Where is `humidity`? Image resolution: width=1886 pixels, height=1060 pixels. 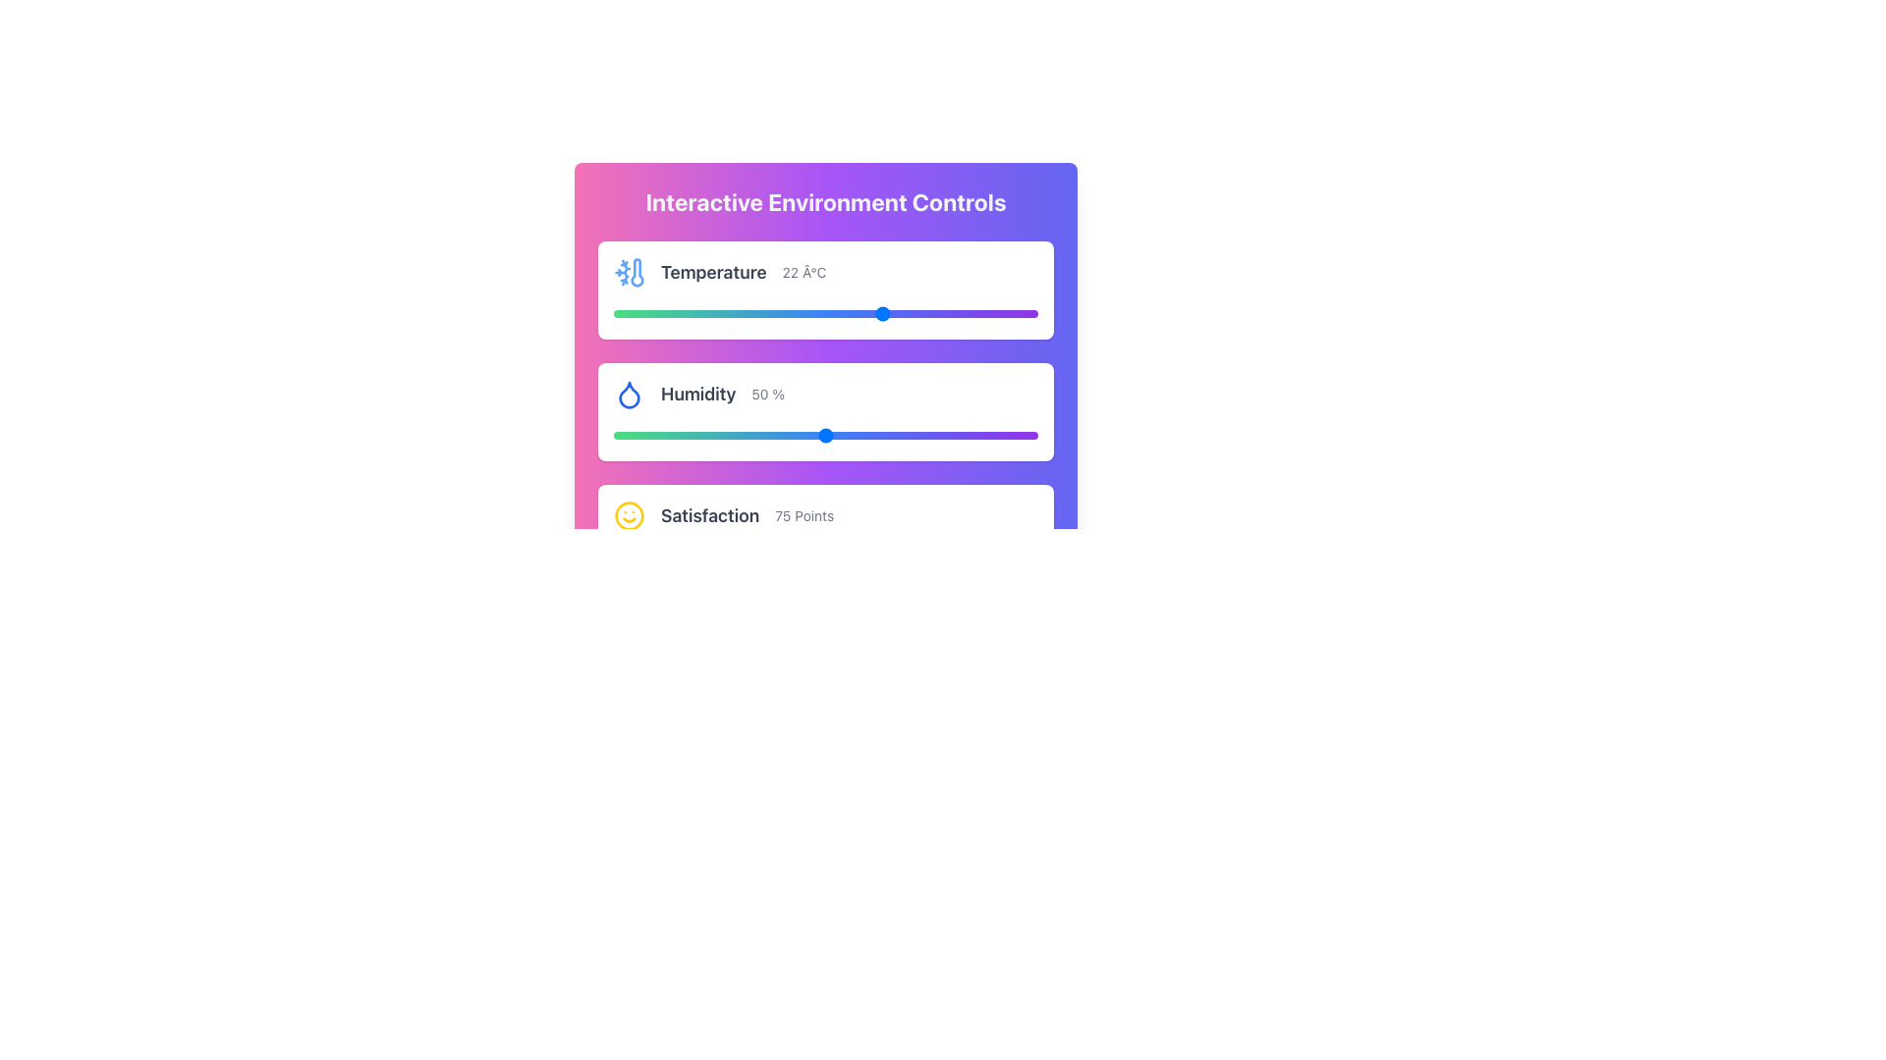
humidity is located at coordinates (817, 434).